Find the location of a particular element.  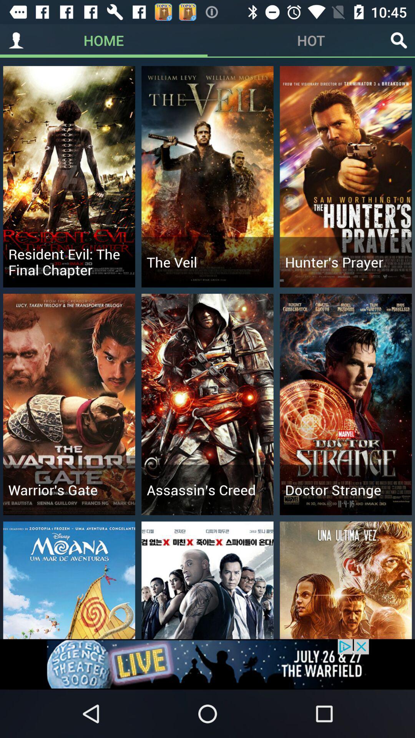

move to search icon is located at coordinates (398, 40).